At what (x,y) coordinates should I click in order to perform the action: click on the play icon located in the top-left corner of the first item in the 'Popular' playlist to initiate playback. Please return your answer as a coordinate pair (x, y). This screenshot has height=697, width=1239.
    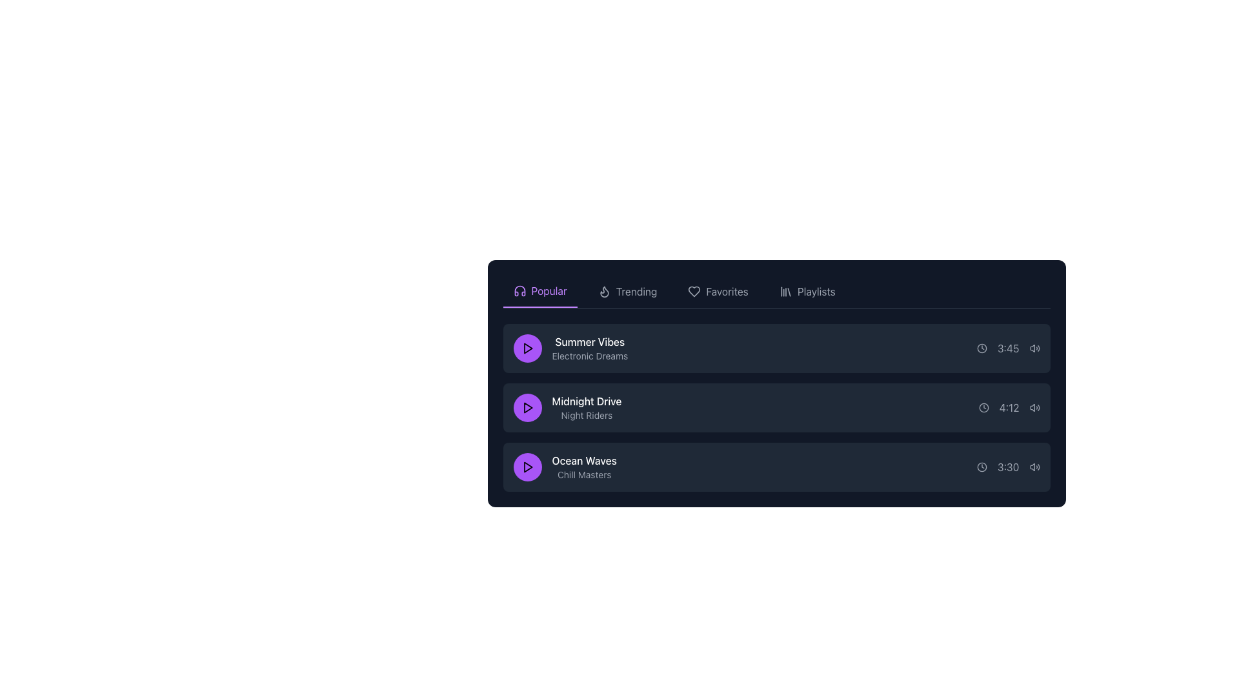
    Looking at the image, I should click on (528, 348).